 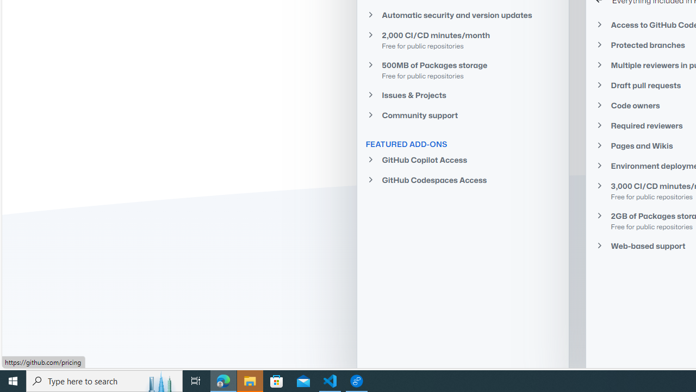 I want to click on '500MB of Packages storageFree for public repositories', so click(x=463, y=70).